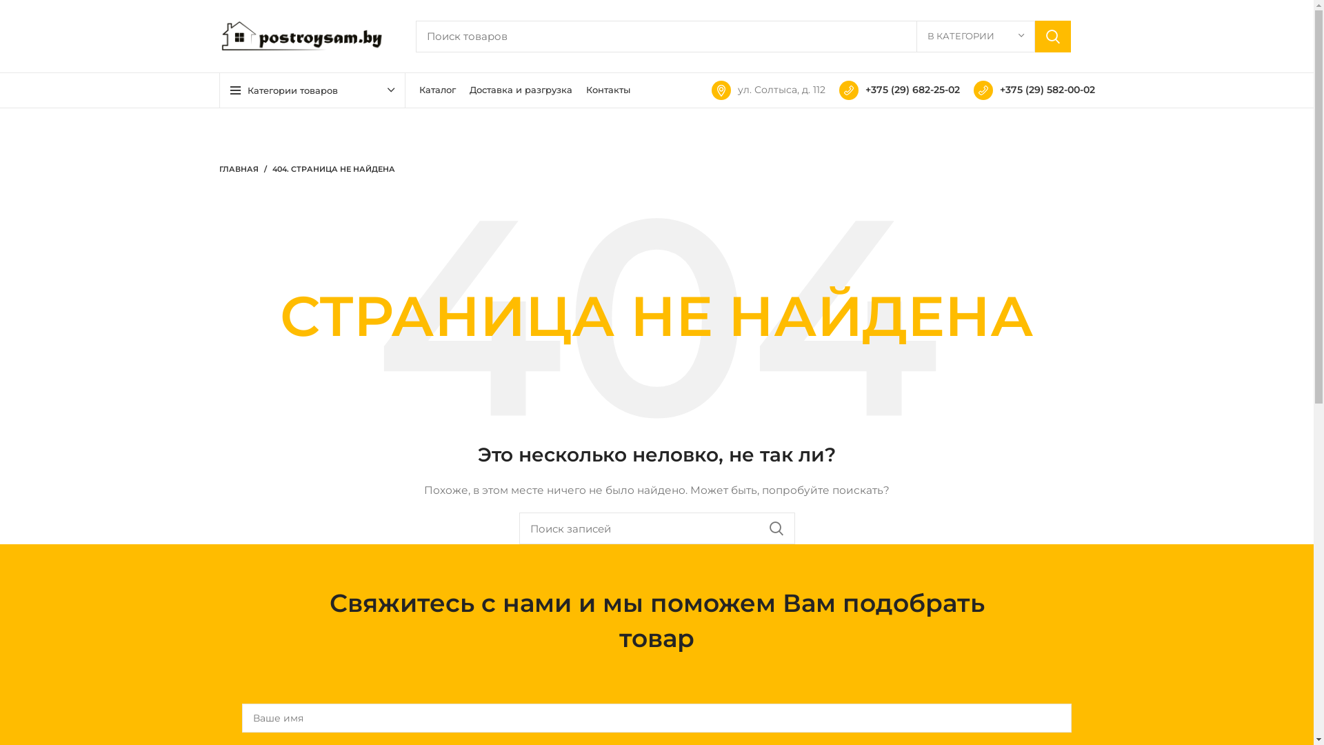 This screenshot has height=745, width=1324. What do you see at coordinates (972, 90) in the screenshot?
I see `'+375 (29) 582-00-02'` at bounding box center [972, 90].